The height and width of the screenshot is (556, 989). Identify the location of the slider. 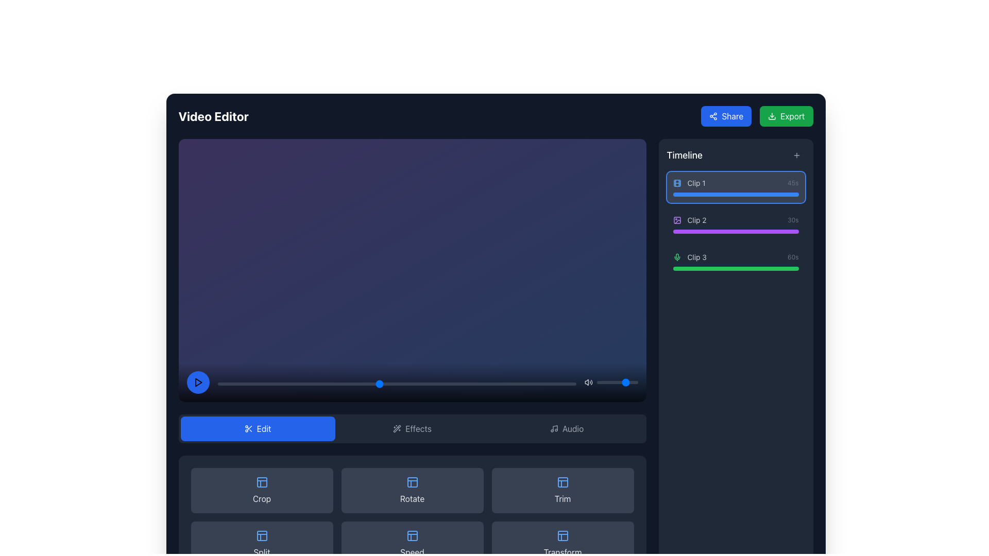
(613, 382).